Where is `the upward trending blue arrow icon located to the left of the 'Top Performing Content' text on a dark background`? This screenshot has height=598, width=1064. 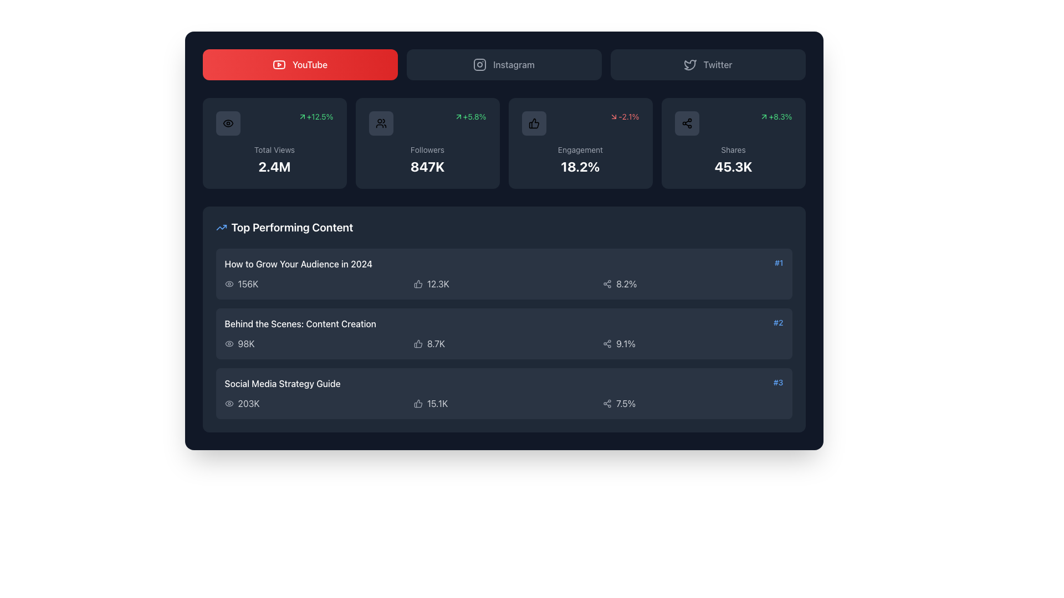 the upward trending blue arrow icon located to the left of the 'Top Performing Content' text on a dark background is located at coordinates (221, 227).